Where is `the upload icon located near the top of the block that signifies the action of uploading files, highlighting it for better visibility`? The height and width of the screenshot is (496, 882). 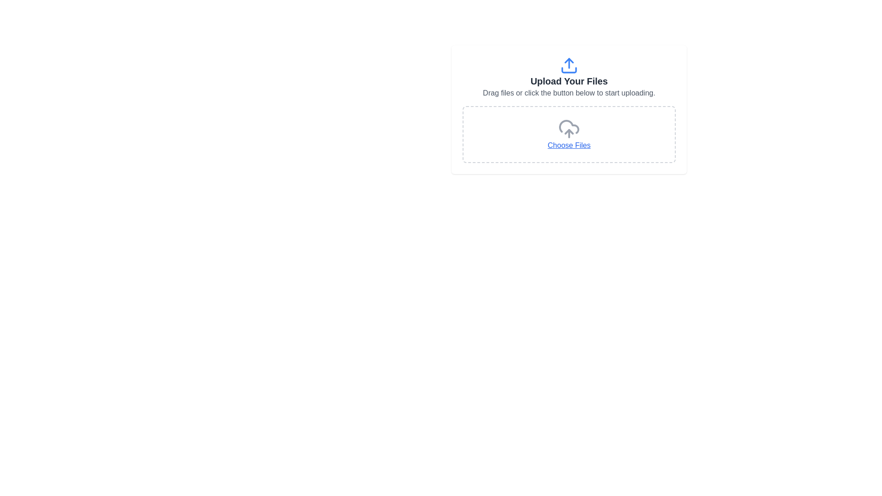
the upload icon located near the top of the block that signifies the action of uploading files, highlighting it for better visibility is located at coordinates (568, 65).